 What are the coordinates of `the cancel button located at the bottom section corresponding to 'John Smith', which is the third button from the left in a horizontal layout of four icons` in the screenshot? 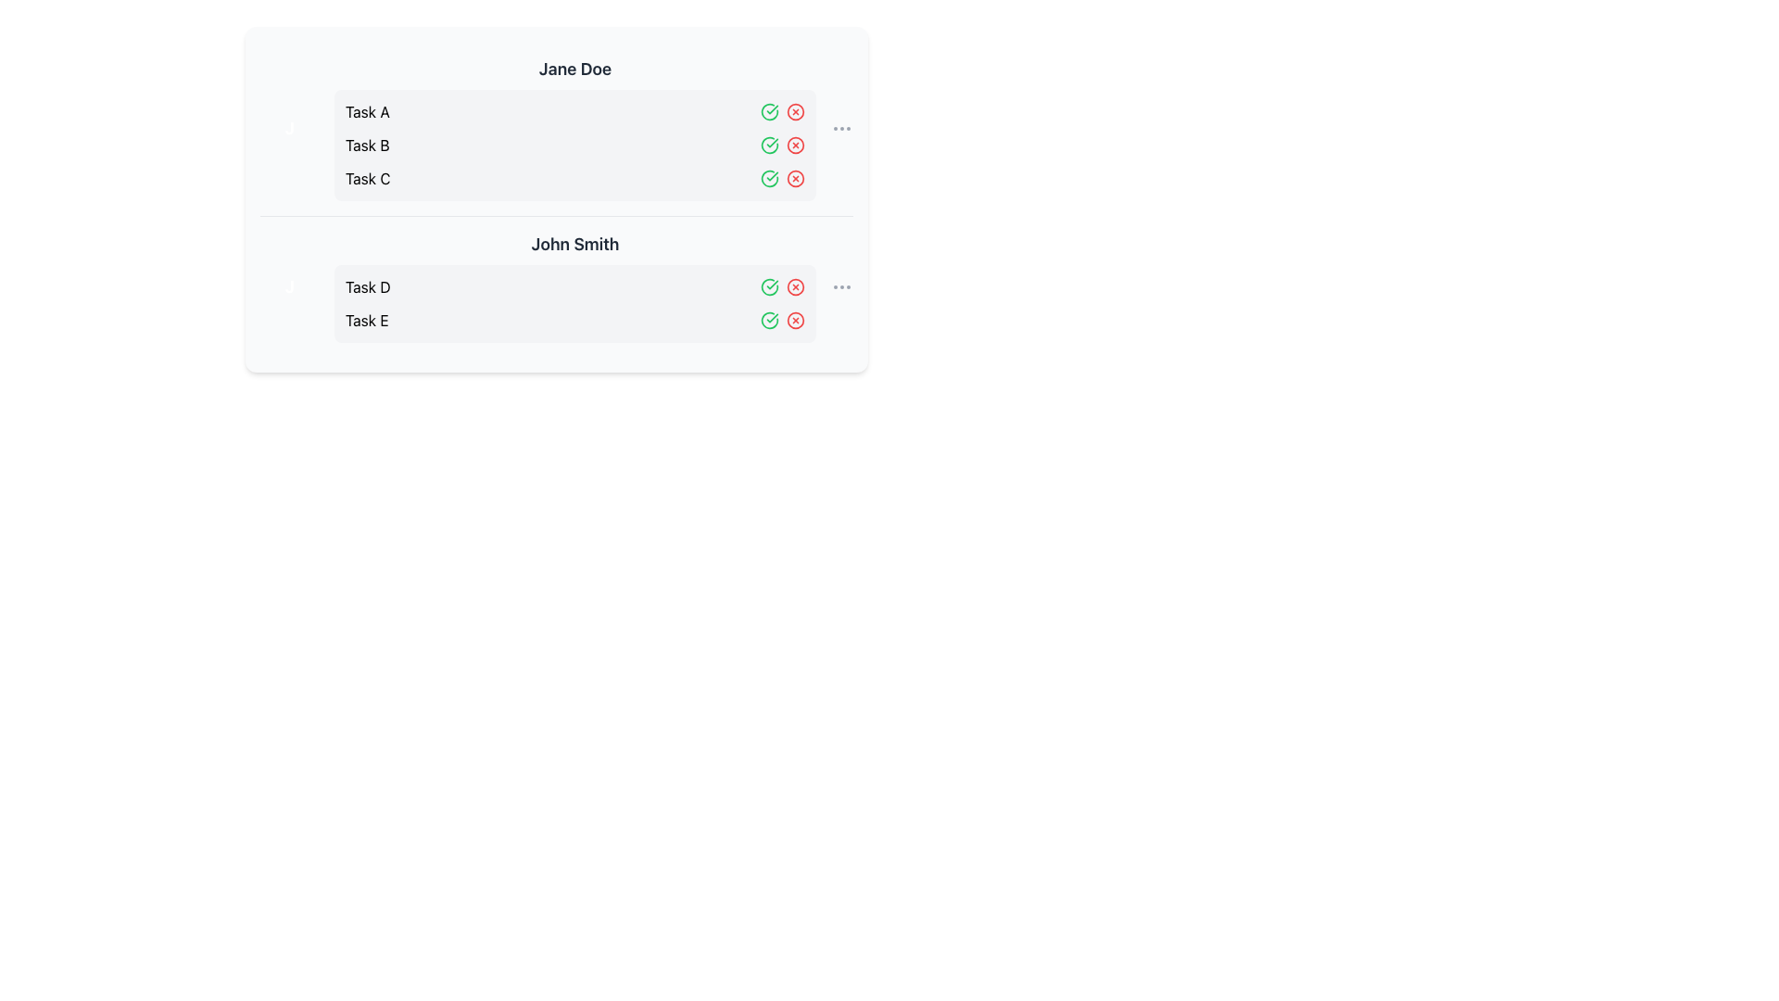 It's located at (796, 286).